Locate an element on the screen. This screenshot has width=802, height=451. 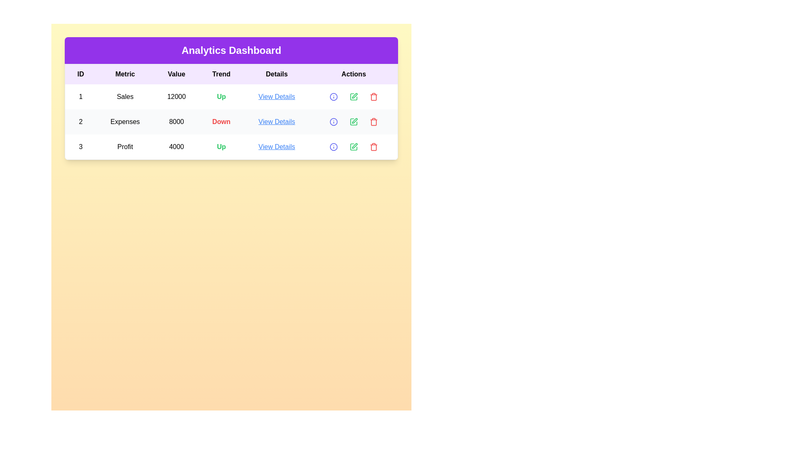
the edit icon button located in the 'Actions' column of the second row in the metrics table is located at coordinates (353, 96).